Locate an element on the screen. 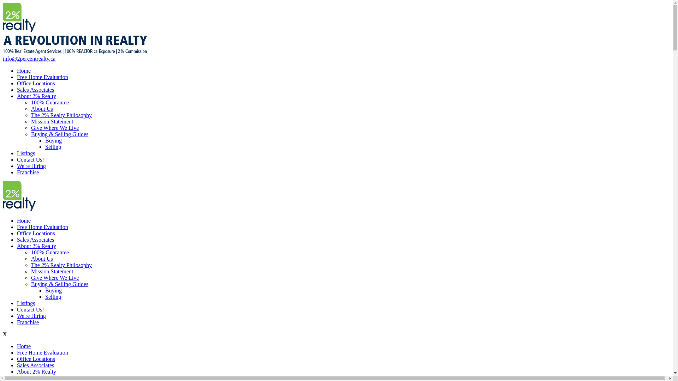  'Buying & Selling Guides' is located at coordinates (59, 134).